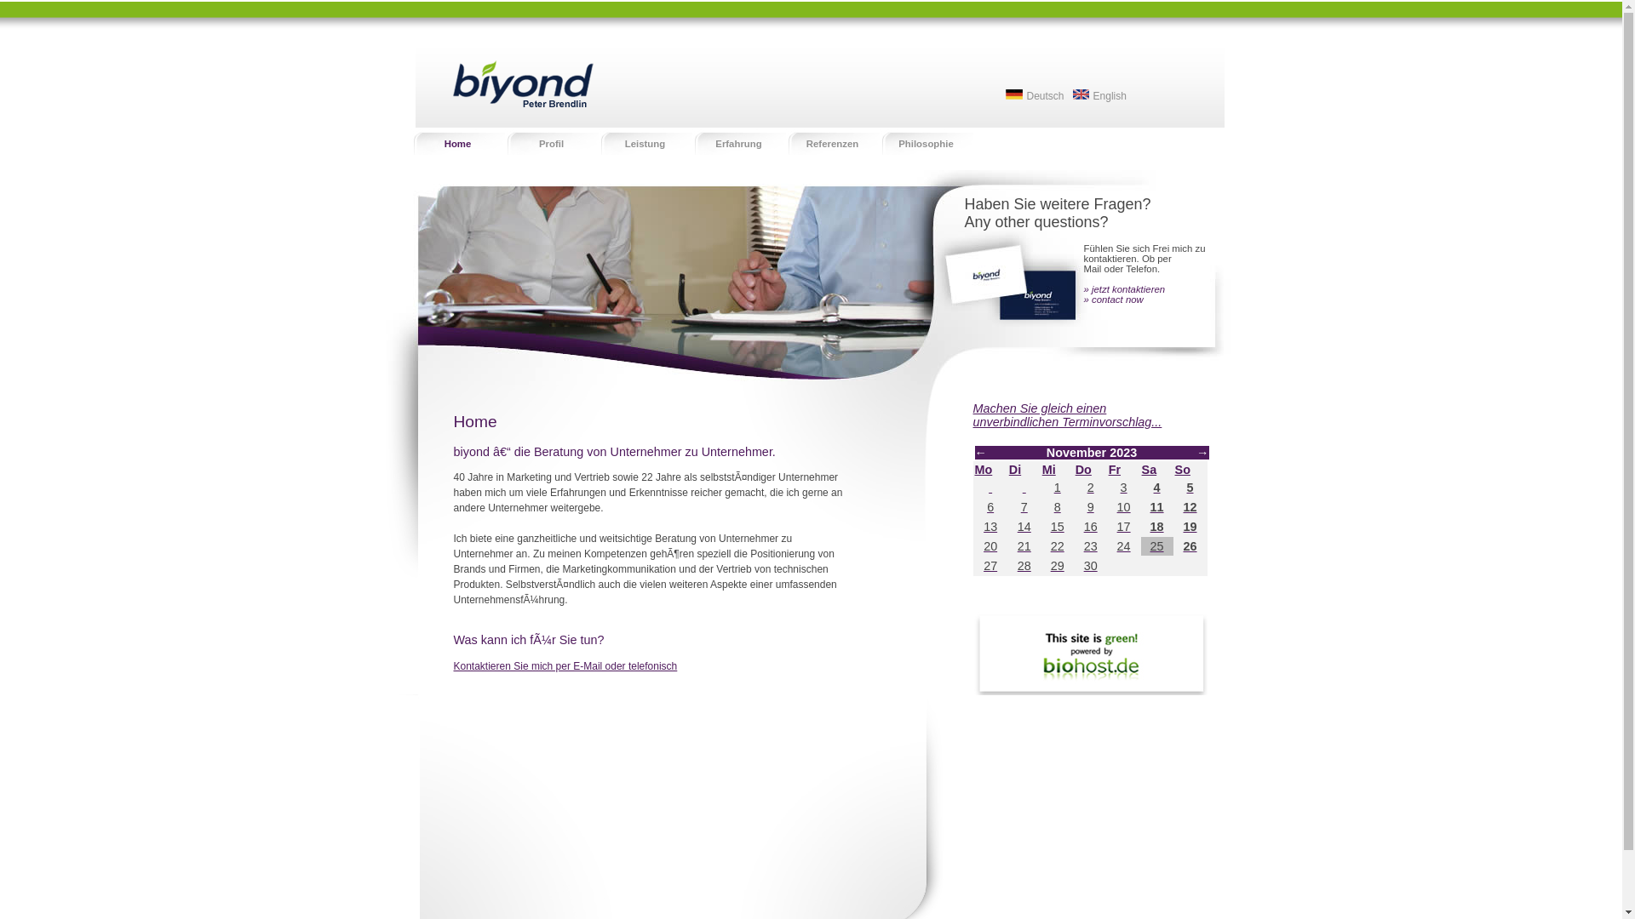 This screenshot has height=919, width=1635. Describe the element at coordinates (990, 525) in the screenshot. I see `'13'` at that location.